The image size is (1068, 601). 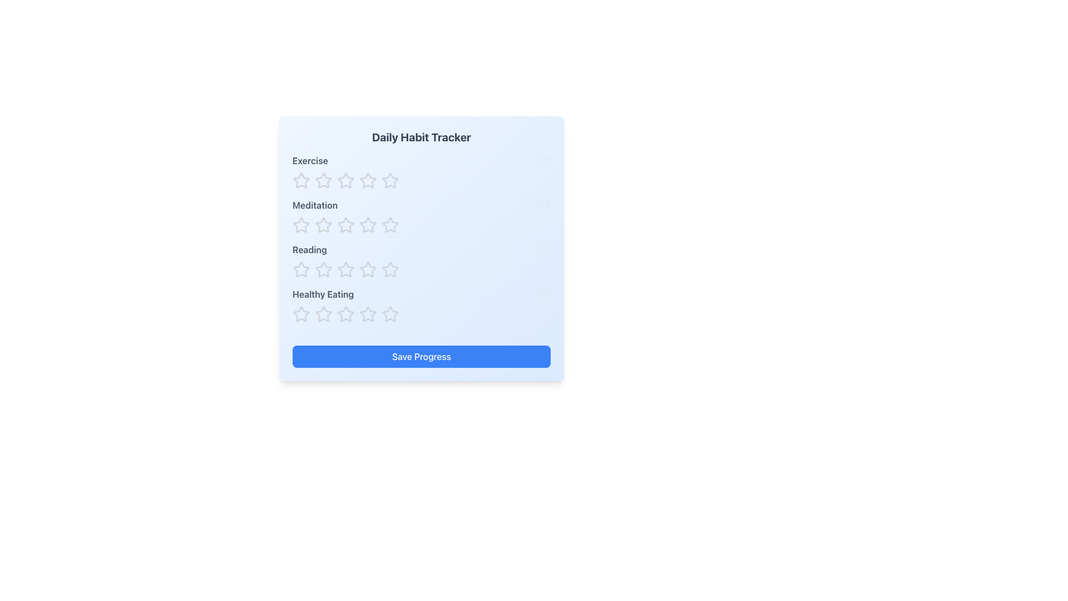 What do you see at coordinates (301, 225) in the screenshot?
I see `the second star icon in the five-star rating system associated with the 'Meditation' activity to assign the rating` at bounding box center [301, 225].